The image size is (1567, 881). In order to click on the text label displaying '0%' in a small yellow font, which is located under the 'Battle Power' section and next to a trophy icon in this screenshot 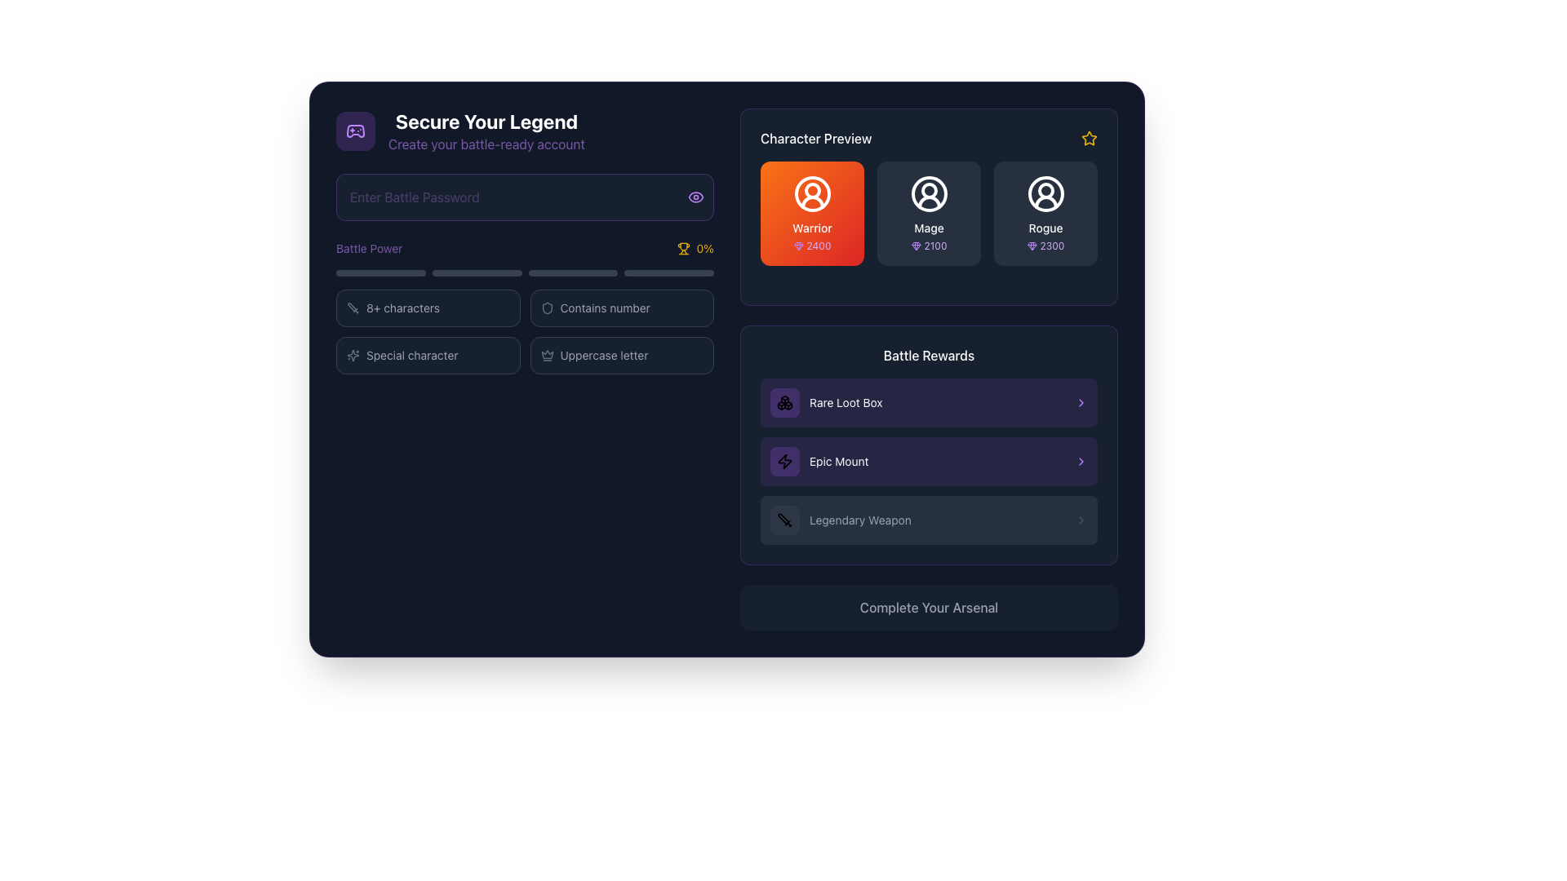, I will do `click(705, 248)`.